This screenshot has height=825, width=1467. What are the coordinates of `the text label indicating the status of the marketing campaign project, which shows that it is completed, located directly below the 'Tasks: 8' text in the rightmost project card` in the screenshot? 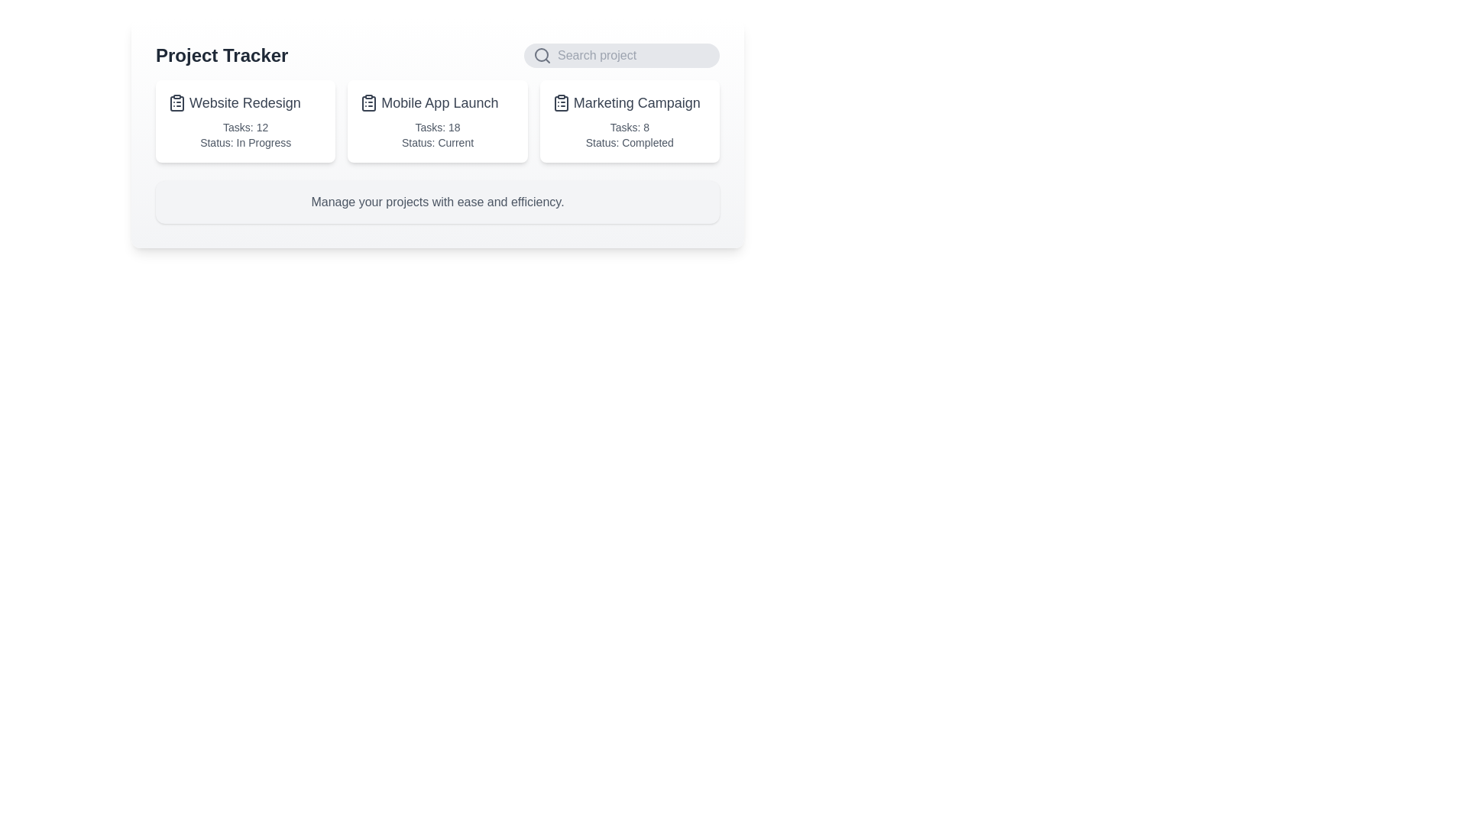 It's located at (630, 142).